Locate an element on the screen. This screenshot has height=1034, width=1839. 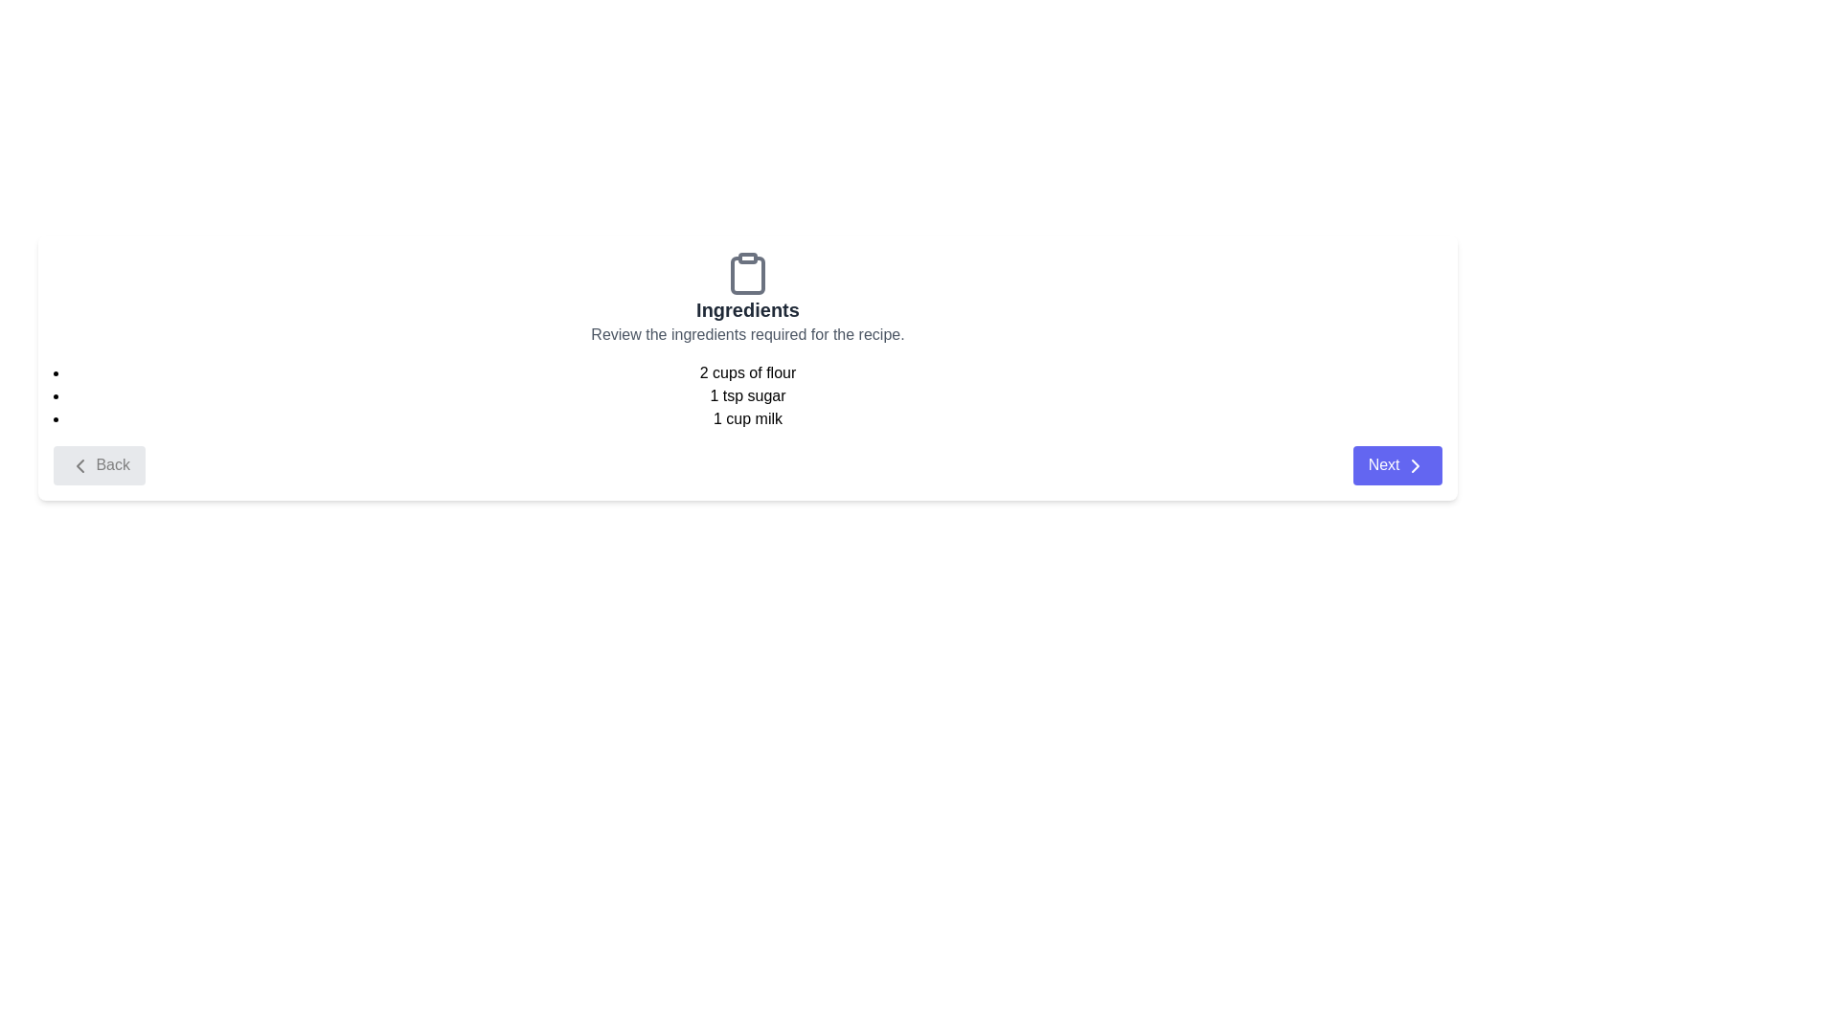
the 'Next' button to navigate to the next step is located at coordinates (1397, 465).